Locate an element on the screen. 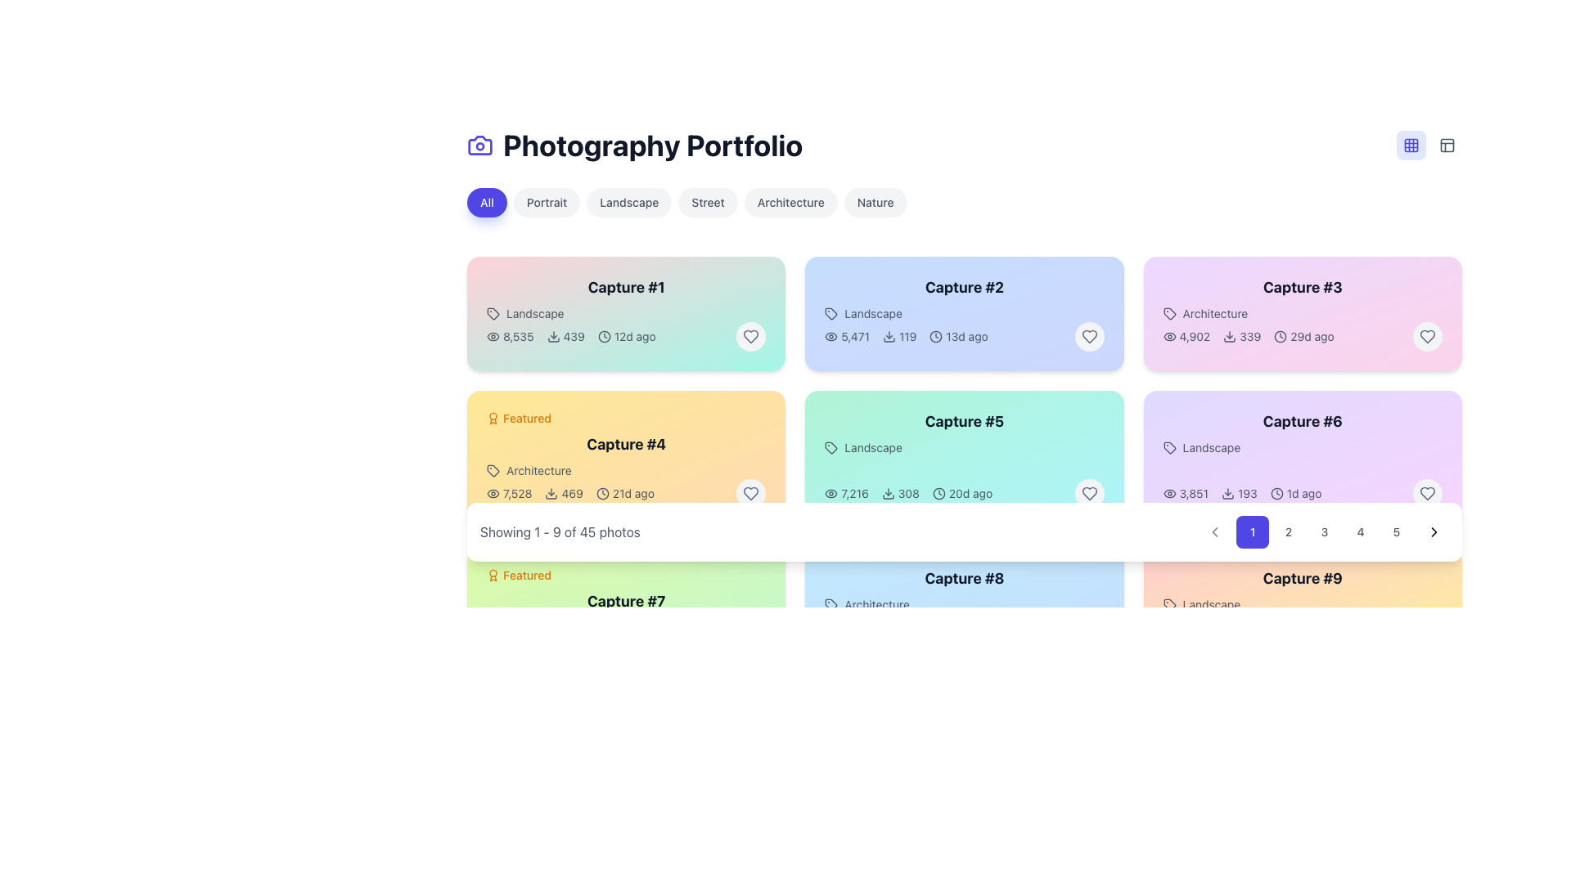 This screenshot has width=1571, height=883. the Custom SVG graphical badge or icon, which is an award symbol styled badge located leftmost in a line of elements preceding the 'Featured' text and near the top of the yellow 'Capture #4' box is located at coordinates (493, 418).